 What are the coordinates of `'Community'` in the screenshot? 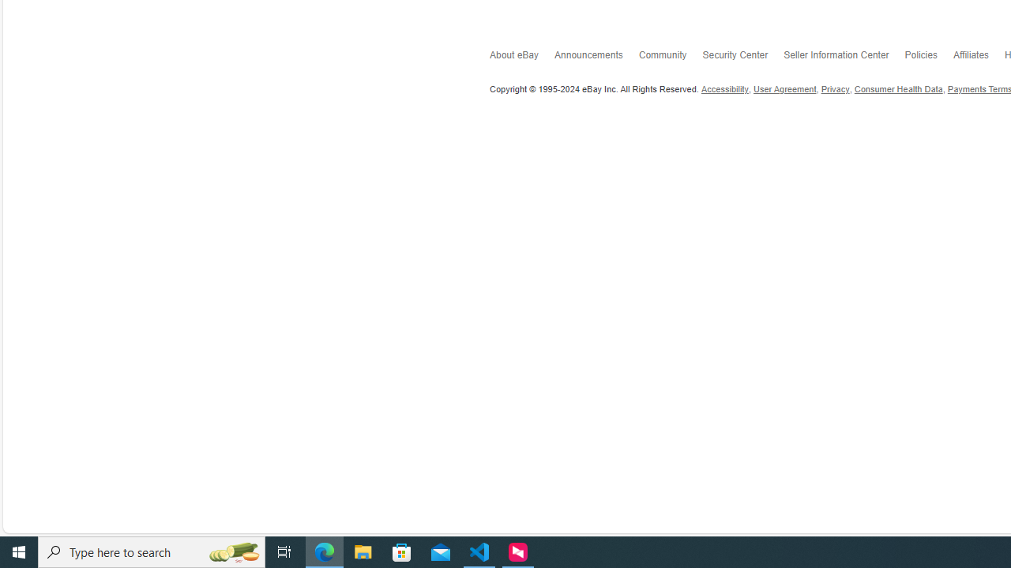 It's located at (670, 57).